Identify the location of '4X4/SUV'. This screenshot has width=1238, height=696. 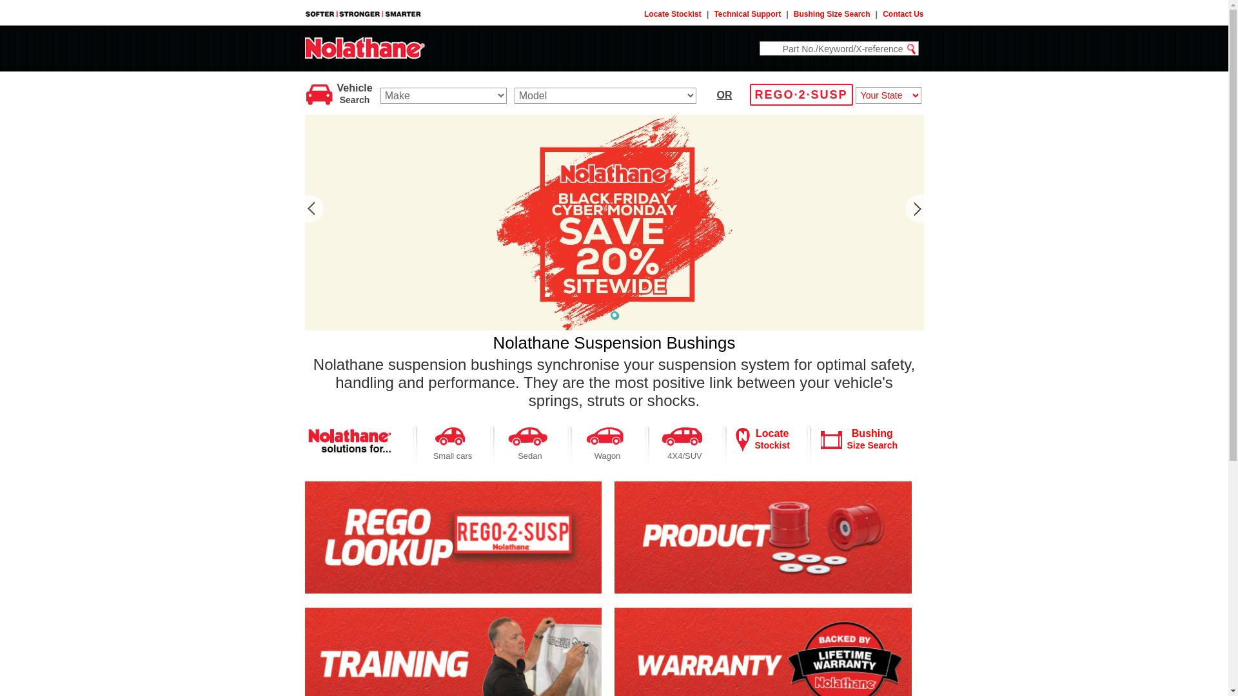
(683, 455).